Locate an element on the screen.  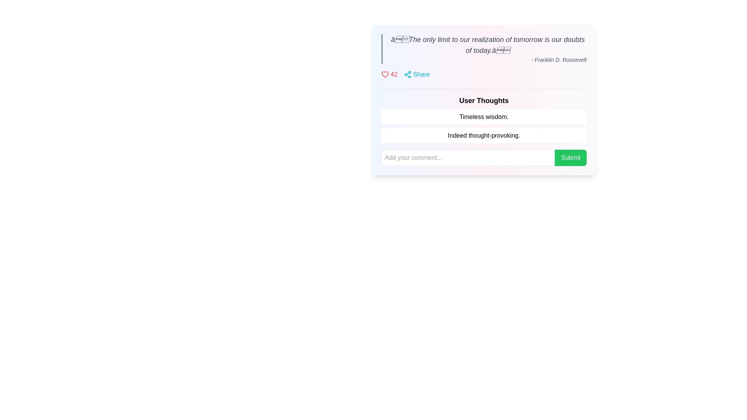
displayed number '42' from the red text label located at the top portion of the UI, which is part of a cluster with a red heart icon to its left is located at coordinates (394, 75).